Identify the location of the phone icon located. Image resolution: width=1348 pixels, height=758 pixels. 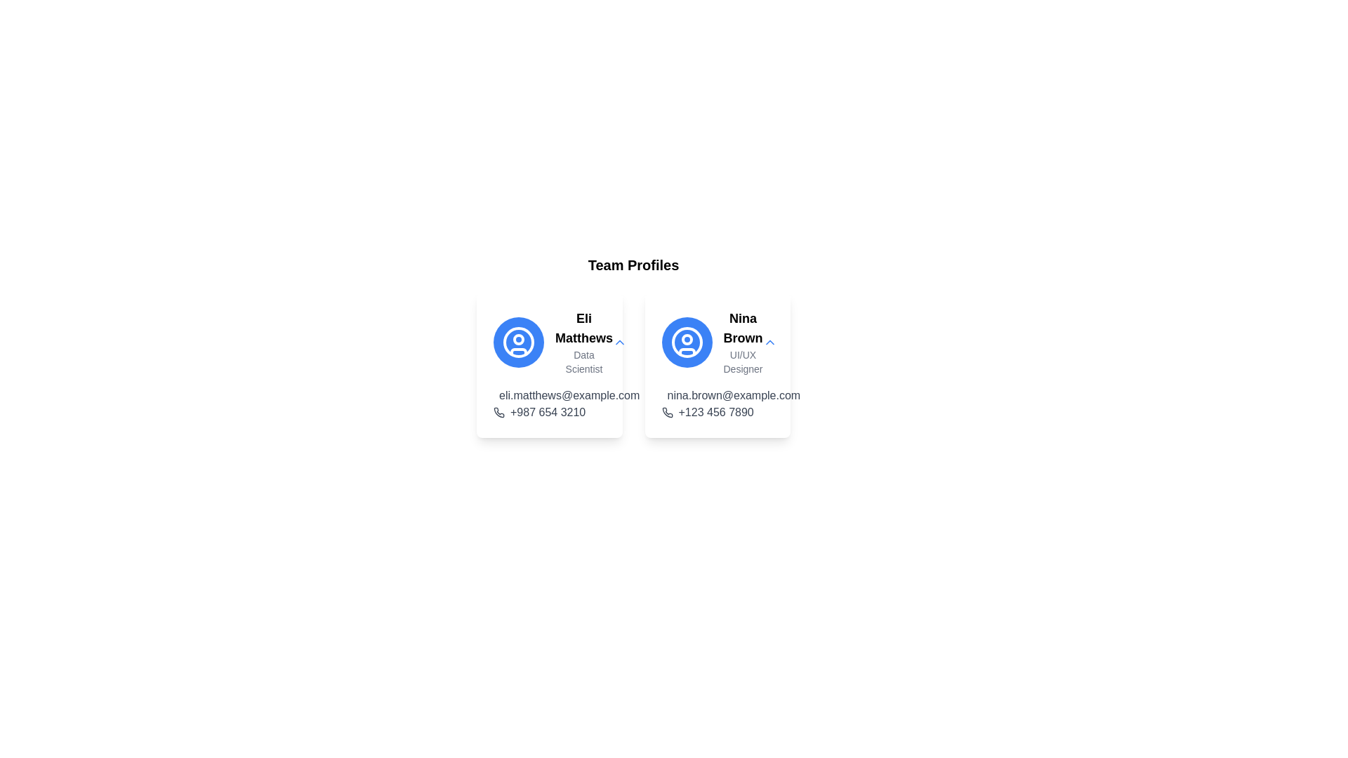
(666, 411).